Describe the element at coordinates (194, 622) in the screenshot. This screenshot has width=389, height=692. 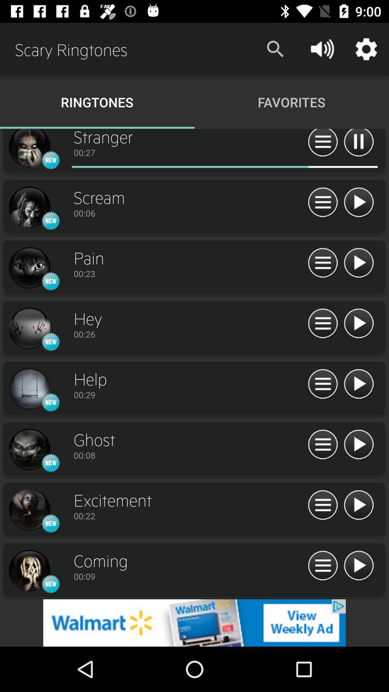
I see `the add` at that location.